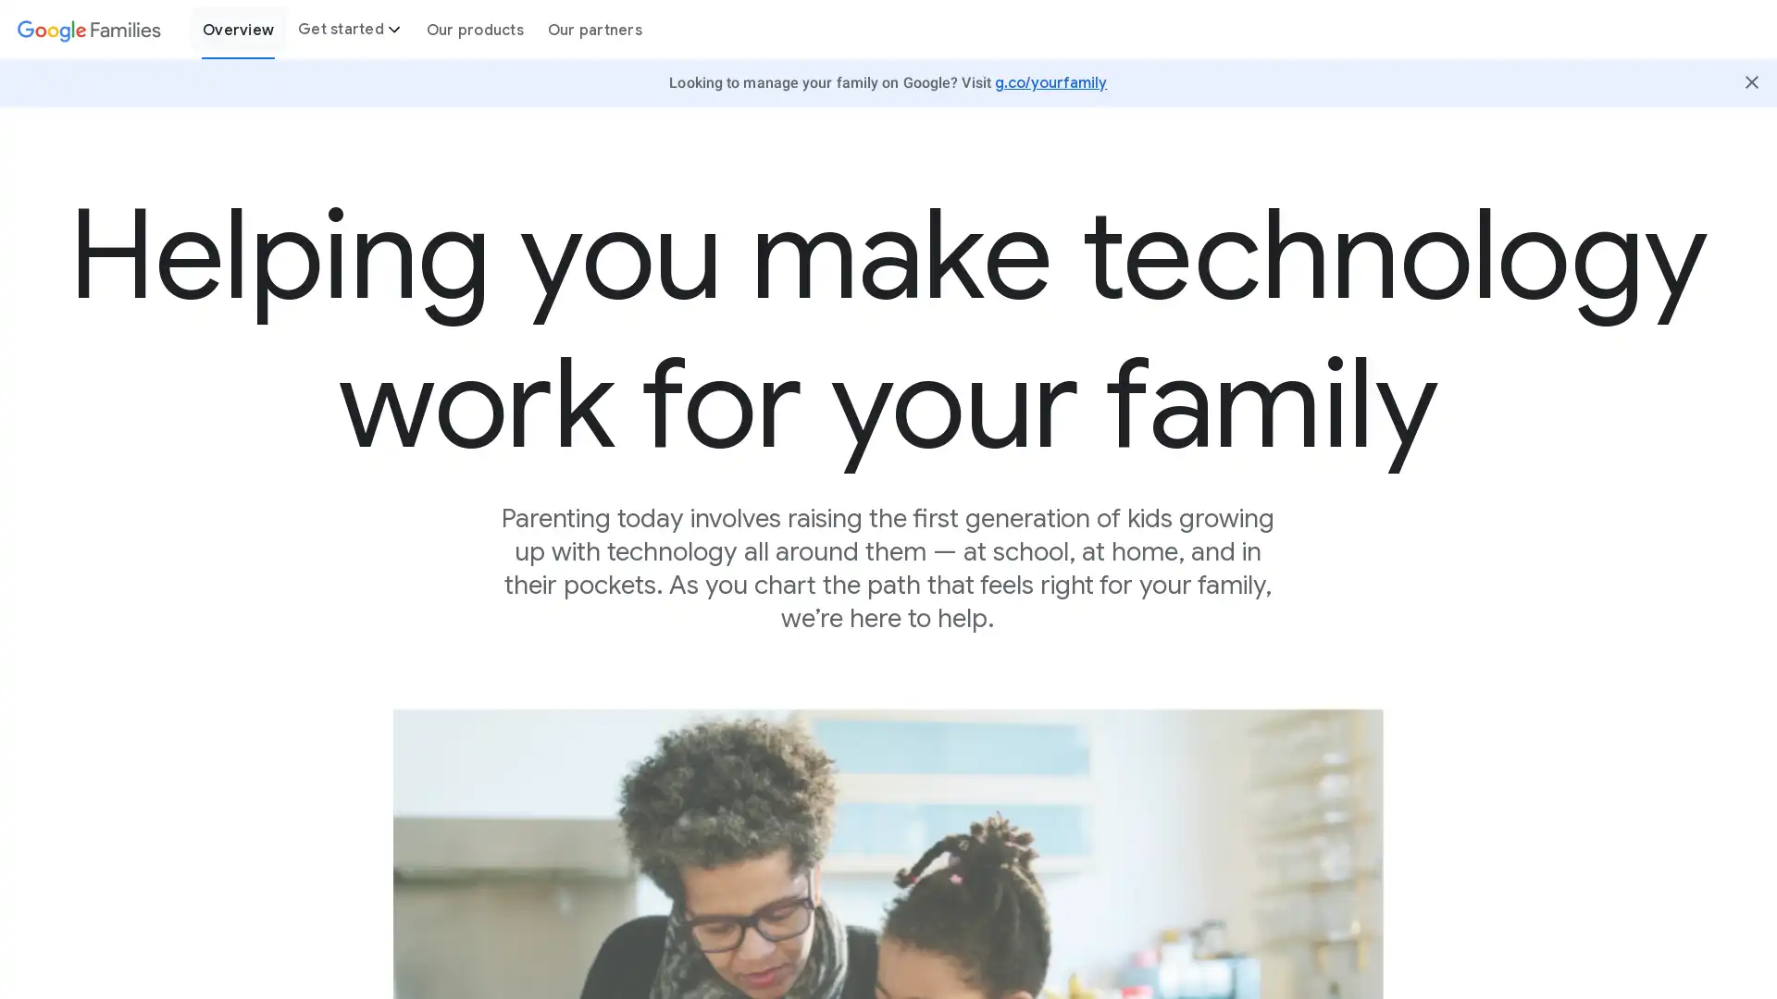  What do you see at coordinates (1750, 80) in the screenshot?
I see `Close Butter Bar` at bounding box center [1750, 80].